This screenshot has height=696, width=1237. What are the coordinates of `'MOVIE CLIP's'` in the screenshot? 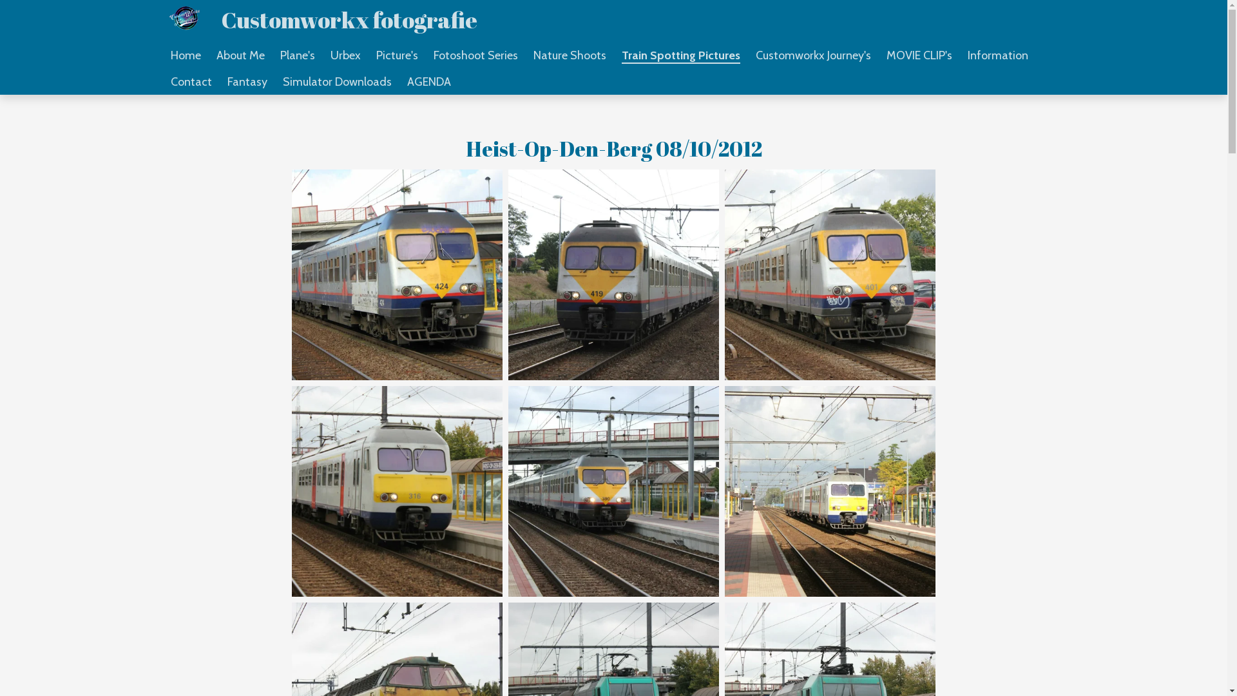 It's located at (877, 54).